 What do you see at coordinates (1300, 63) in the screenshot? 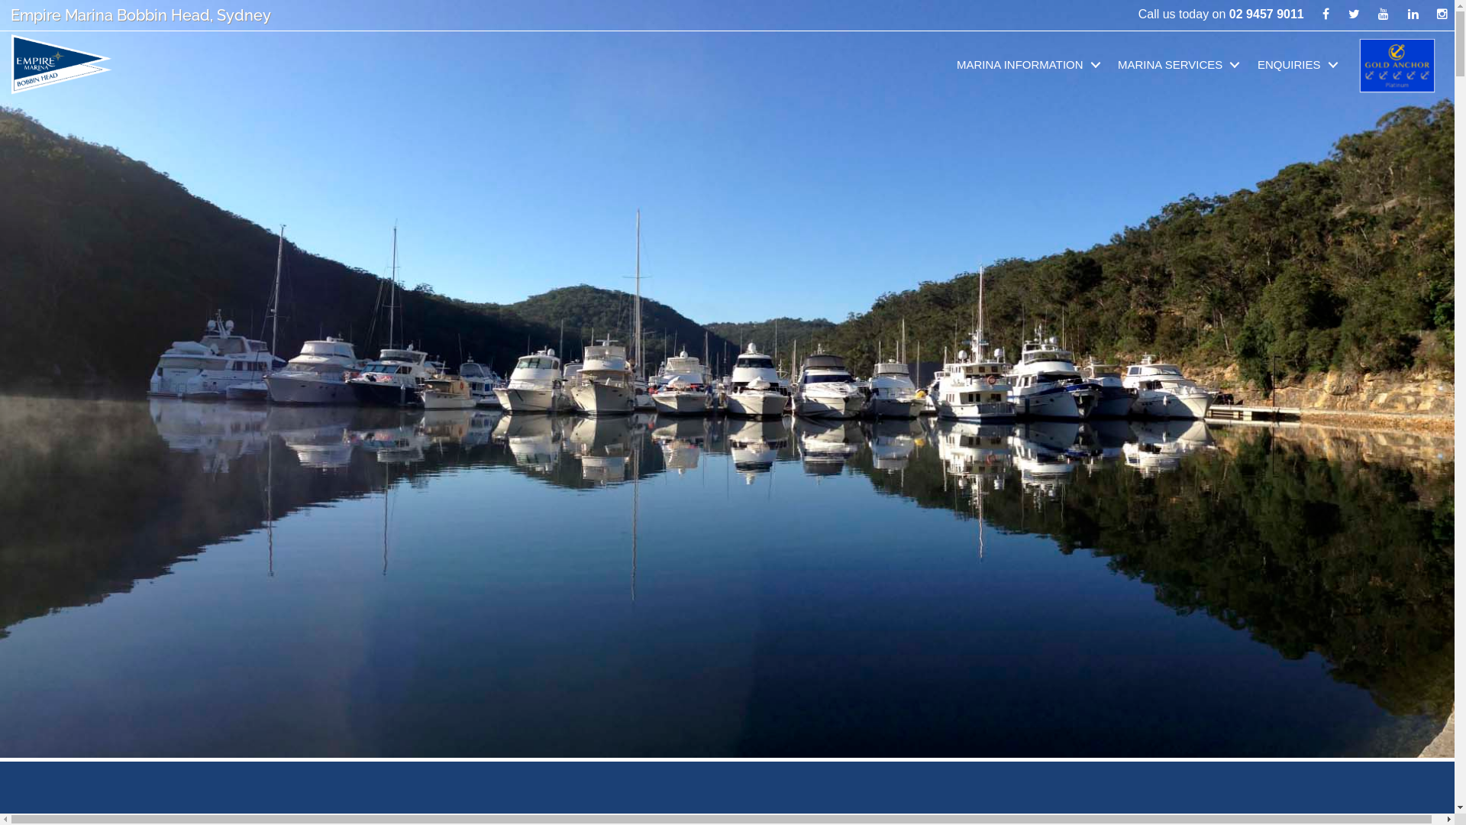
I see `'ENQUIRIES'` at bounding box center [1300, 63].